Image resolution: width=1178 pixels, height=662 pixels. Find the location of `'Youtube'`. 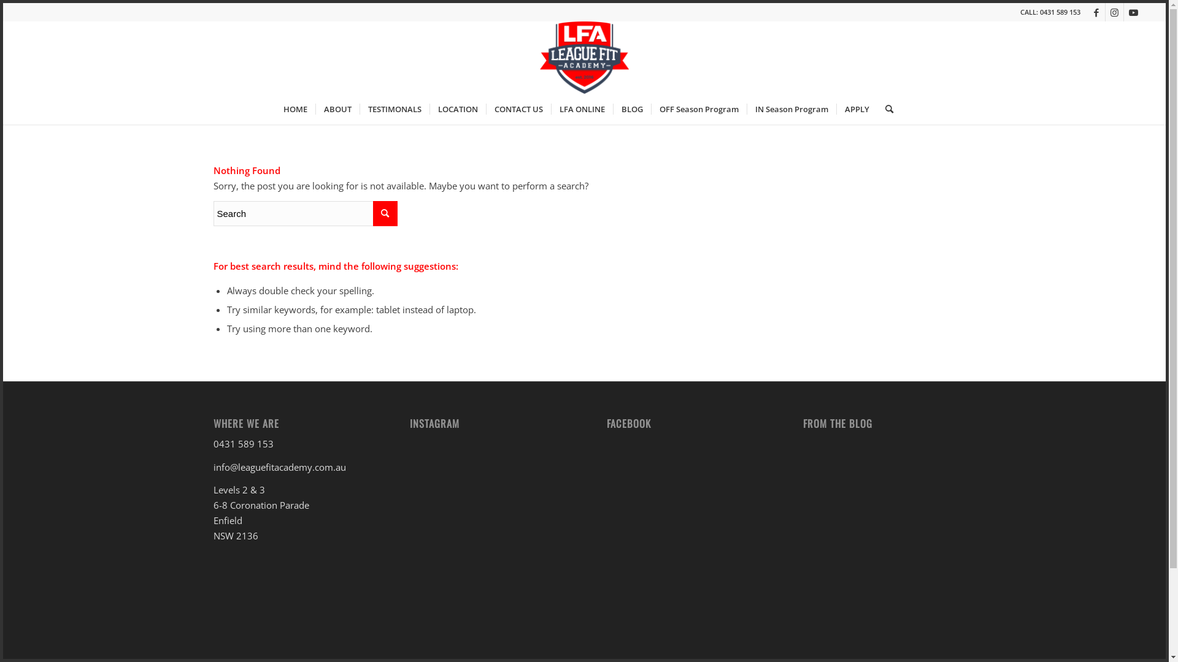

'Youtube' is located at coordinates (1133, 12).